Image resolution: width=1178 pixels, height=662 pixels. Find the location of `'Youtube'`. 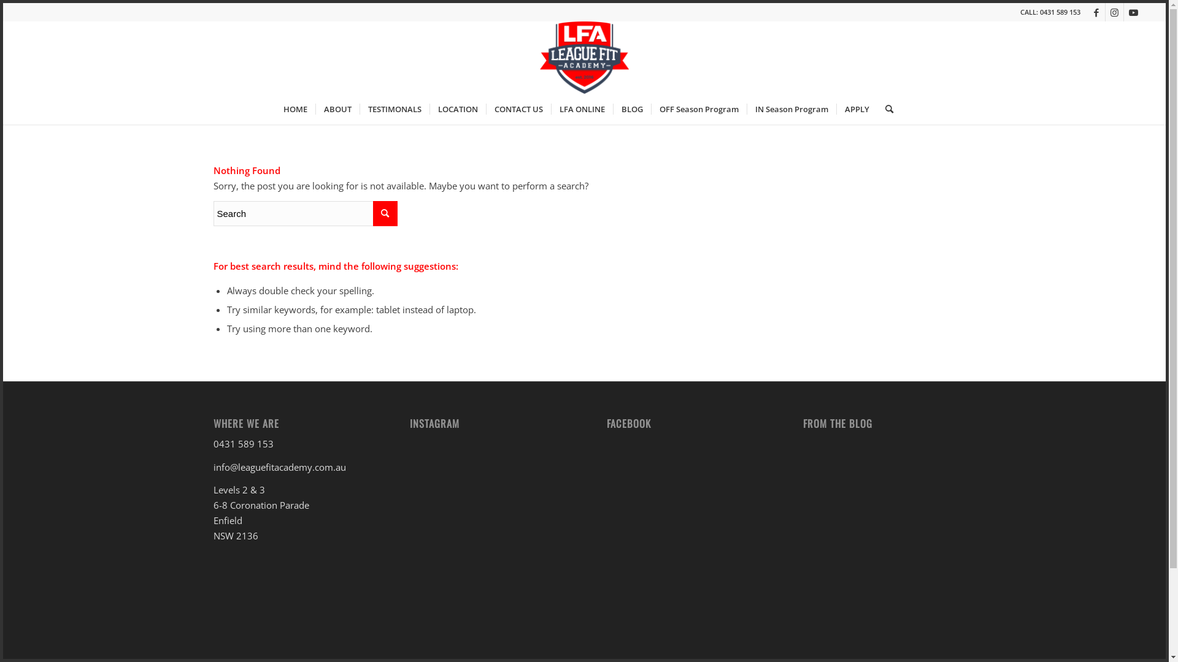

'Youtube' is located at coordinates (1133, 12).